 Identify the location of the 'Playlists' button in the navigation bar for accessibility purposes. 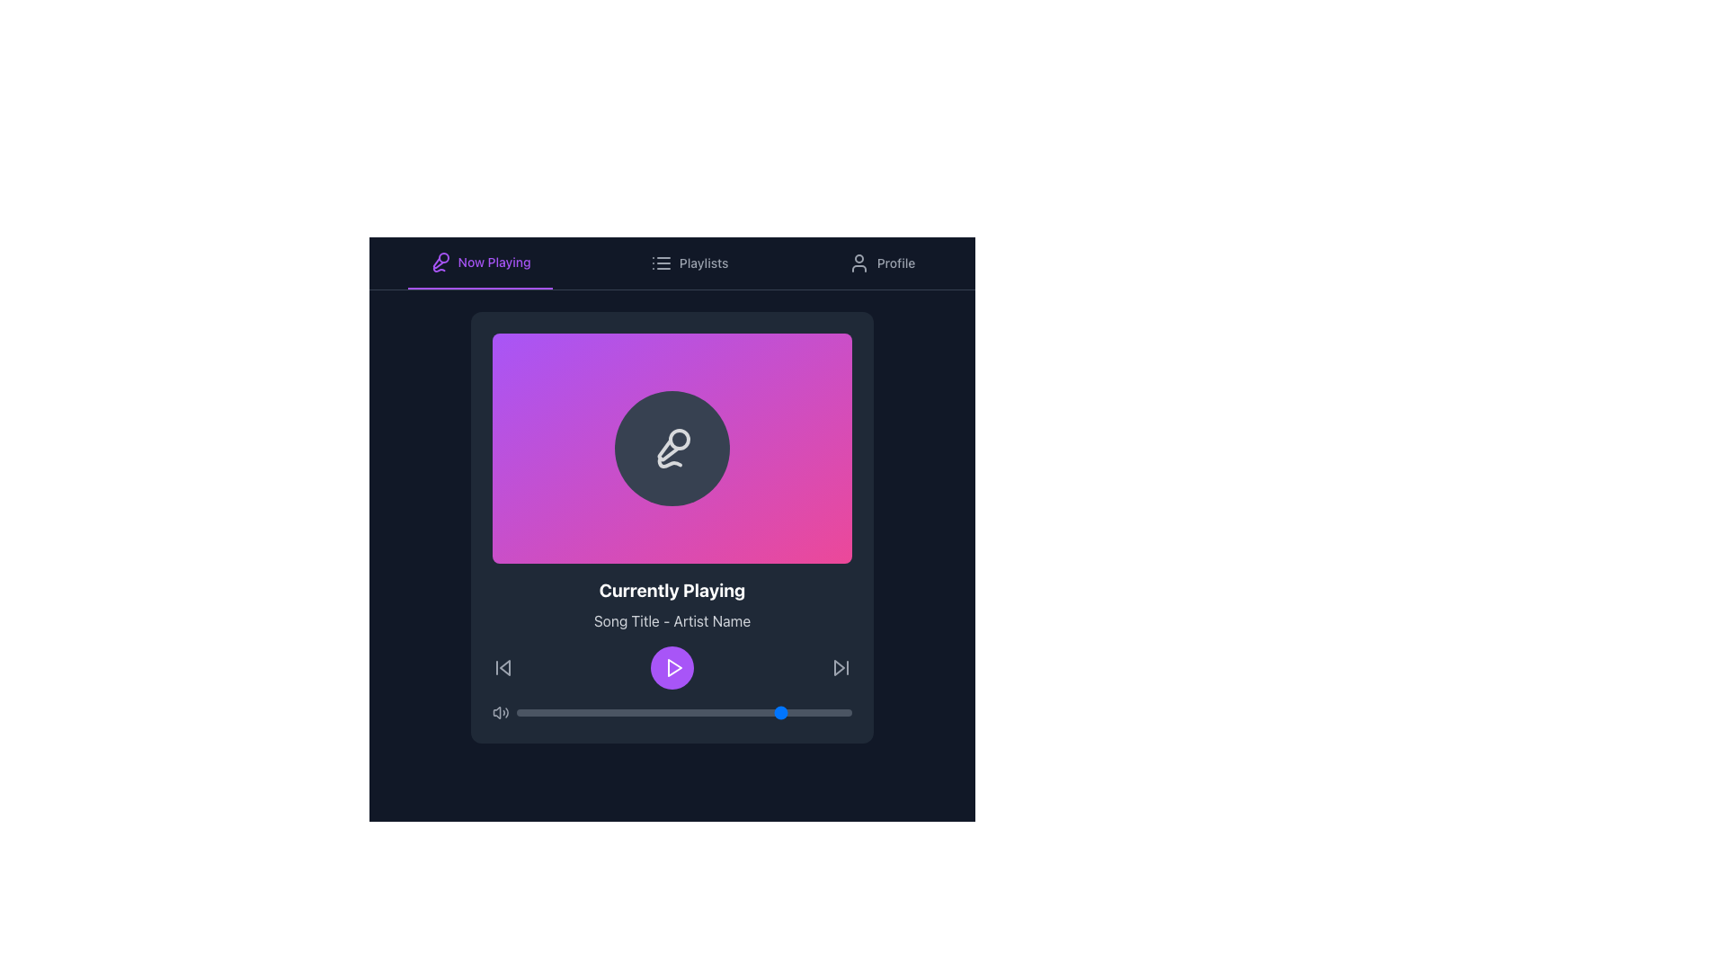
(689, 263).